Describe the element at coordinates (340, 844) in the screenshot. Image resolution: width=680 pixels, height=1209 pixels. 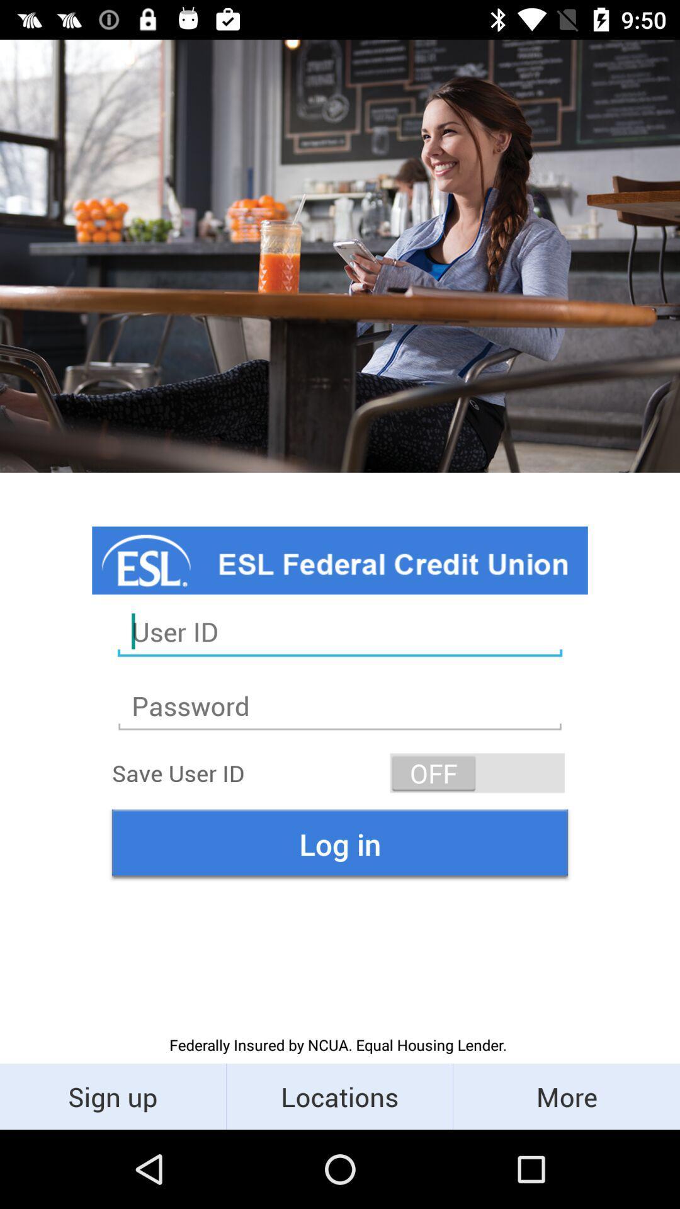
I see `log in button` at that location.